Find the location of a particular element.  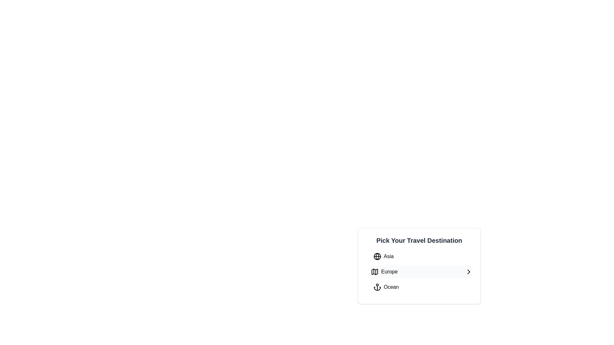

the selectable option for 'Europe' in the travel destination picker, which is the second item in the list between 'Asia' and 'Ocean' is located at coordinates (384, 272).